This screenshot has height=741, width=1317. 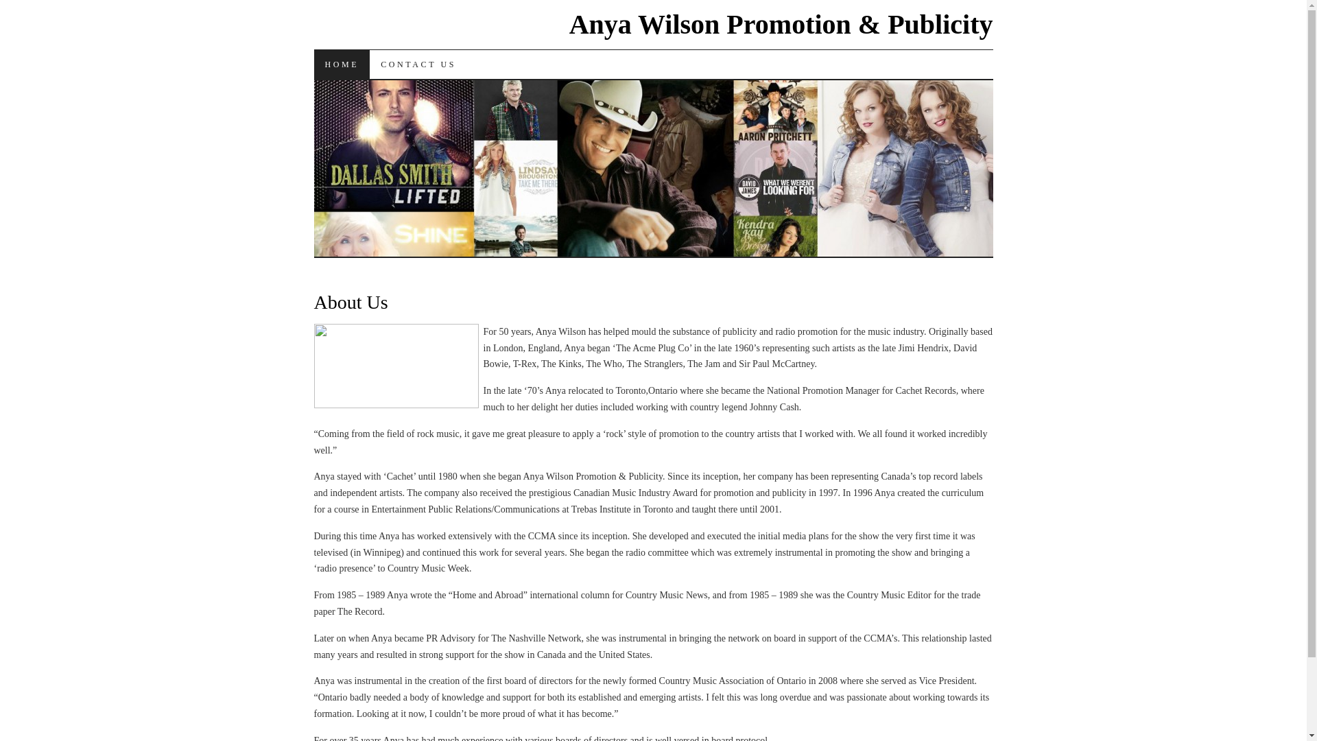 What do you see at coordinates (387, 64) in the screenshot?
I see `'SKIP TO CONTENT'` at bounding box center [387, 64].